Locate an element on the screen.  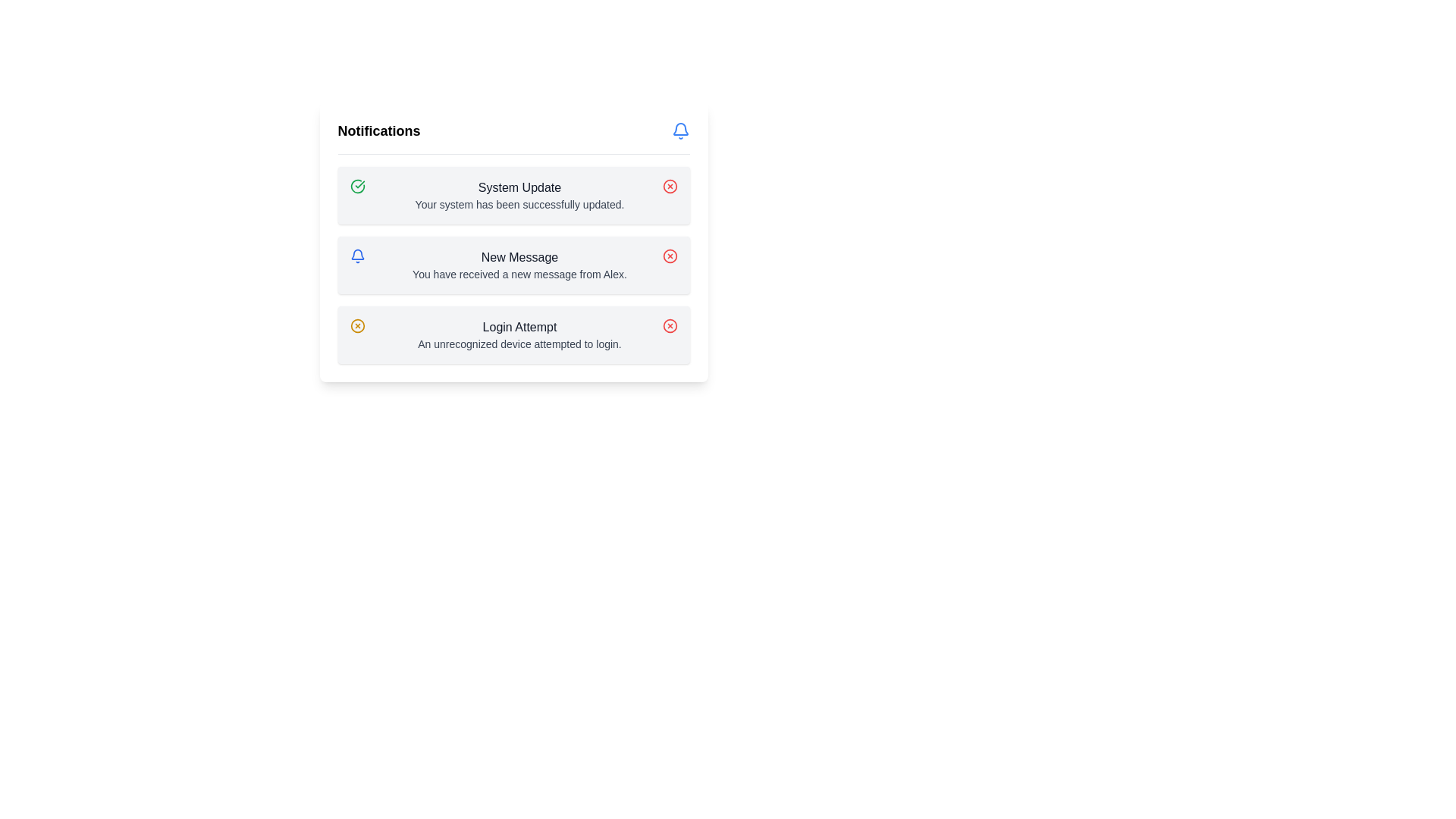
the close or cancel icon, which is a red outlined circular shape with a cross inside, located at the right side of the second notification item in the 'New Message' card is located at coordinates (669, 256).